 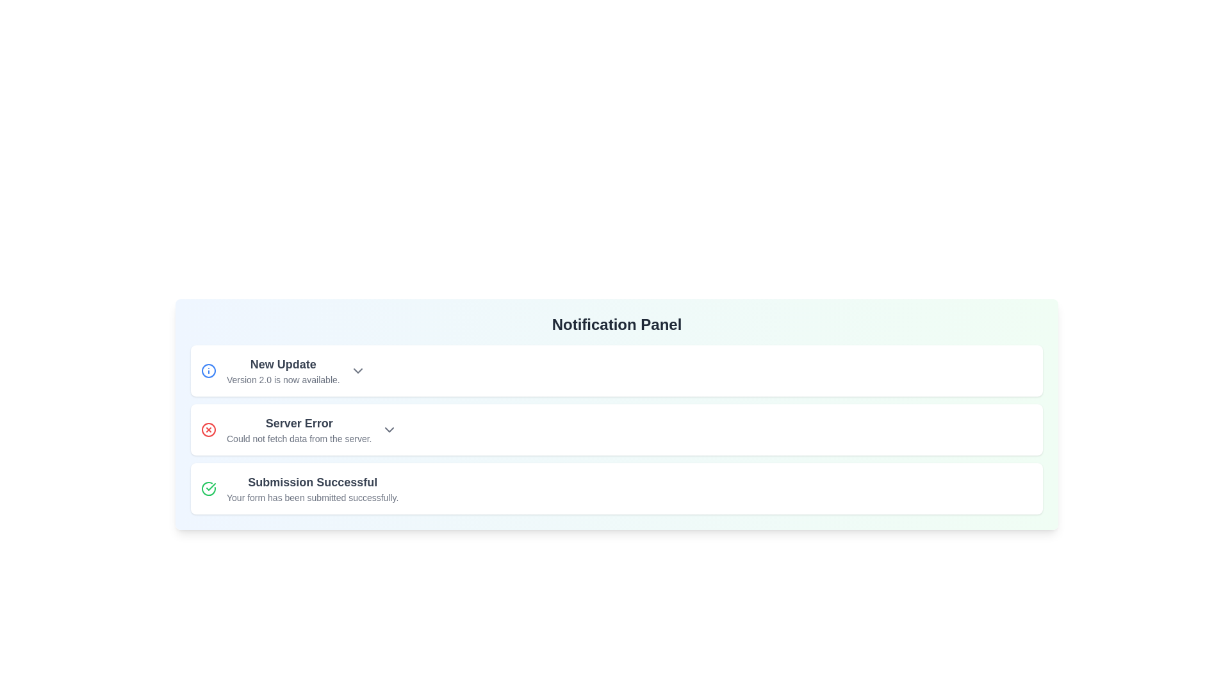 What do you see at coordinates (313, 497) in the screenshot?
I see `the text label that states 'Your form has been submitted successfully.' located within the third notification card of the Notification Panel` at bounding box center [313, 497].